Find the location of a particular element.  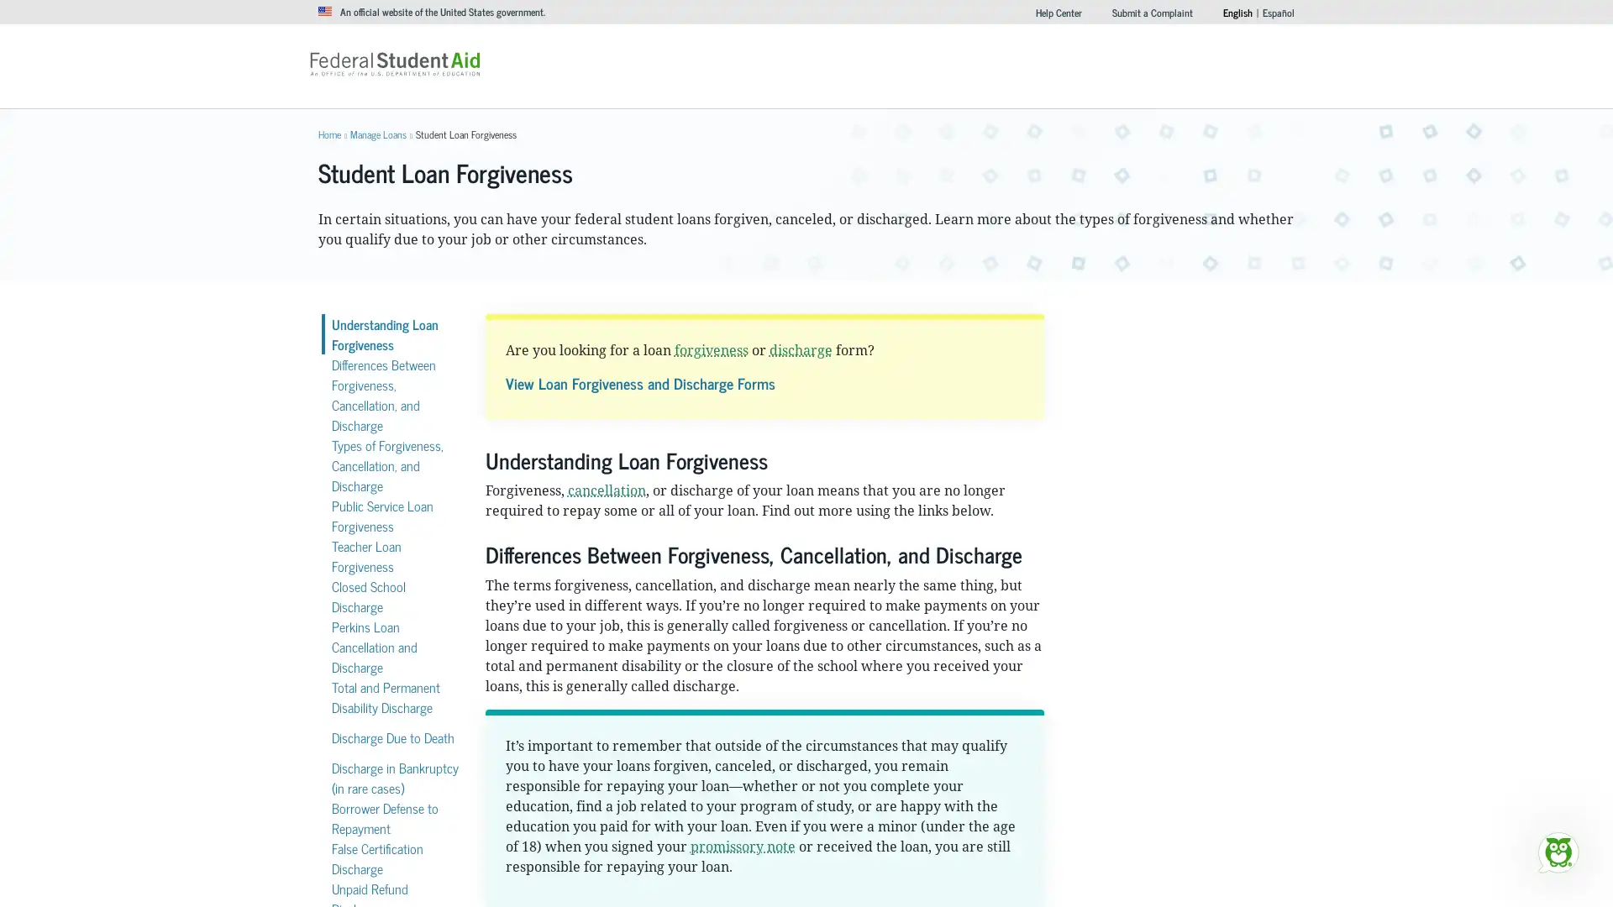

Espanol is located at coordinates (1277, 13).